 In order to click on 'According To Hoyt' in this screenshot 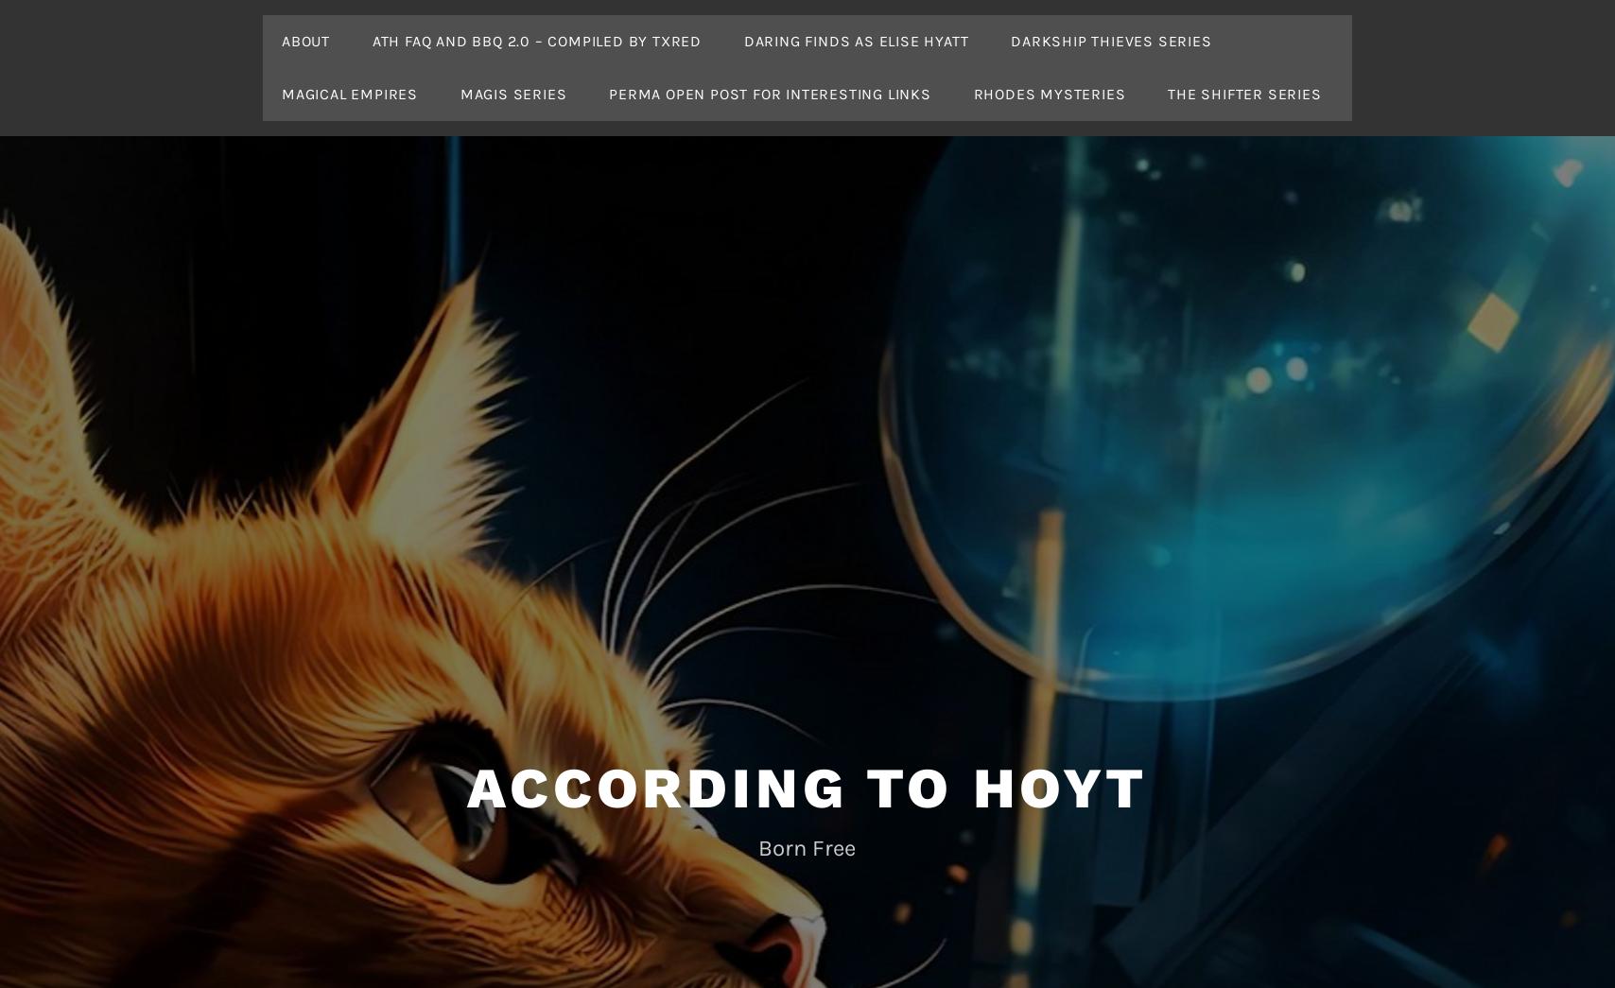, I will do `click(807, 786)`.